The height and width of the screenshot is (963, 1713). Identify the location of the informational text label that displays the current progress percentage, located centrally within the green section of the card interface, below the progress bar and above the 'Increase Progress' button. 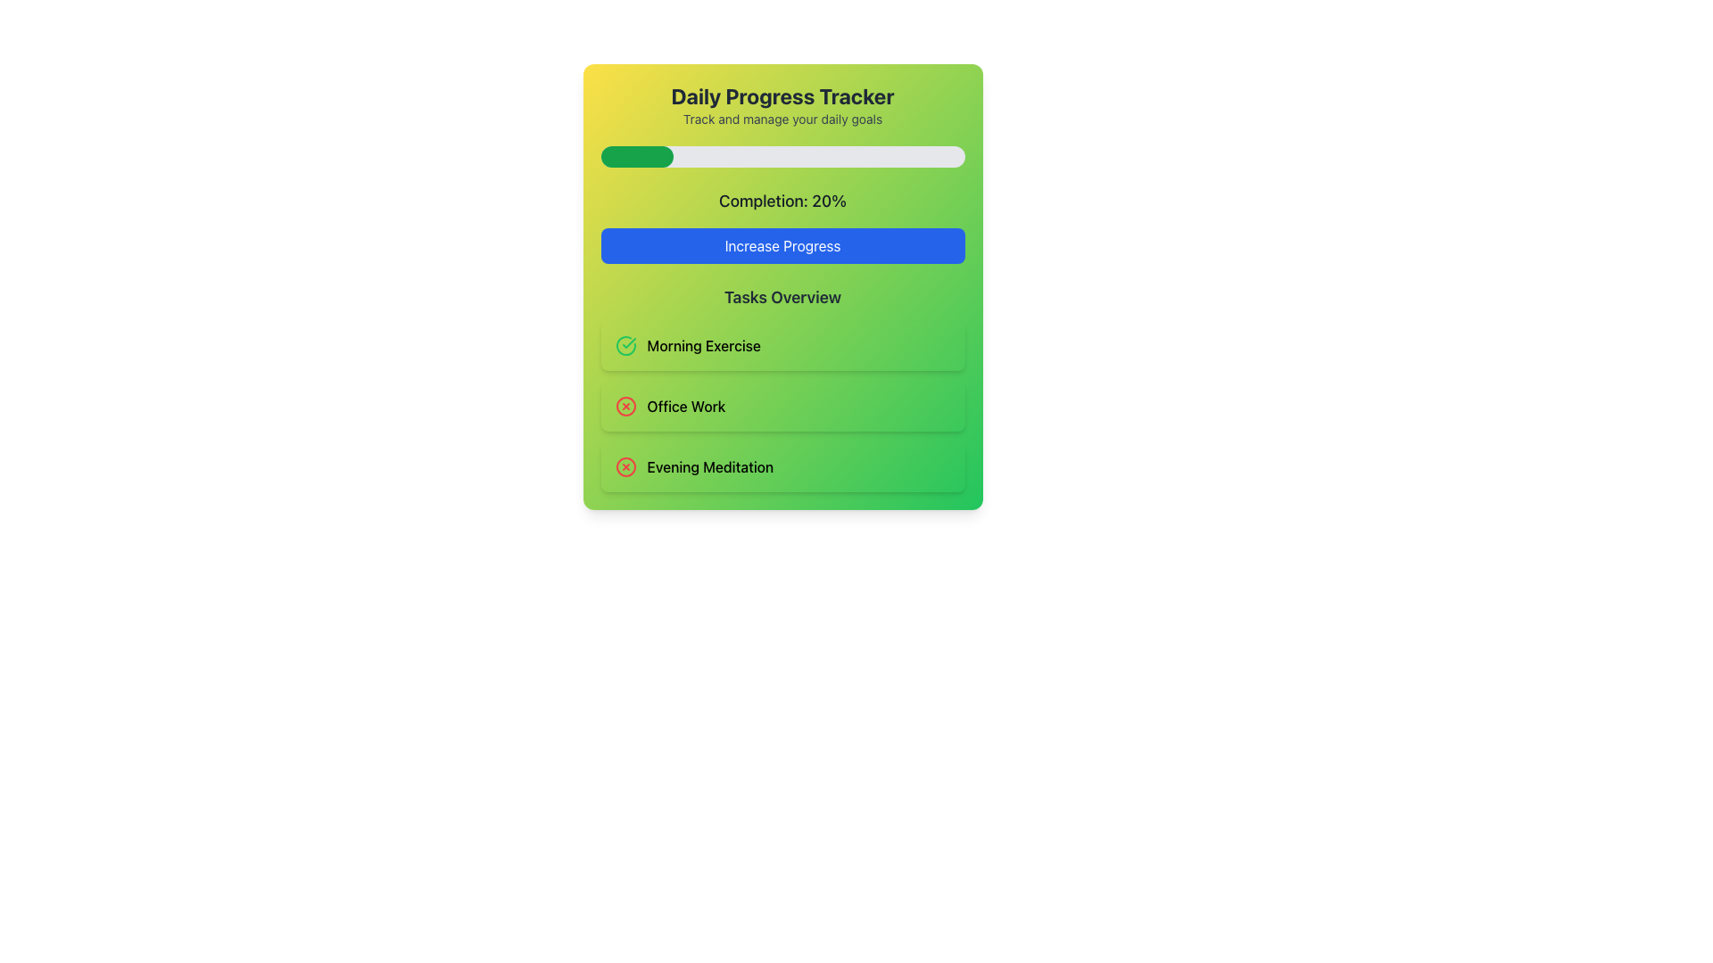
(782, 201).